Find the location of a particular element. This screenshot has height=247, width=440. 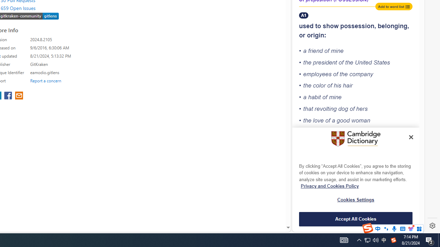

'habit' is located at coordinates (314, 97).